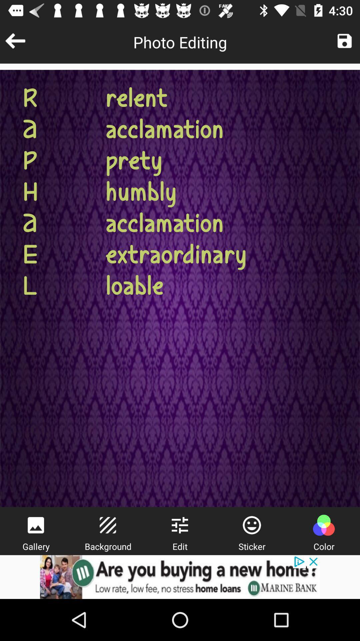  I want to click on this, so click(344, 40).